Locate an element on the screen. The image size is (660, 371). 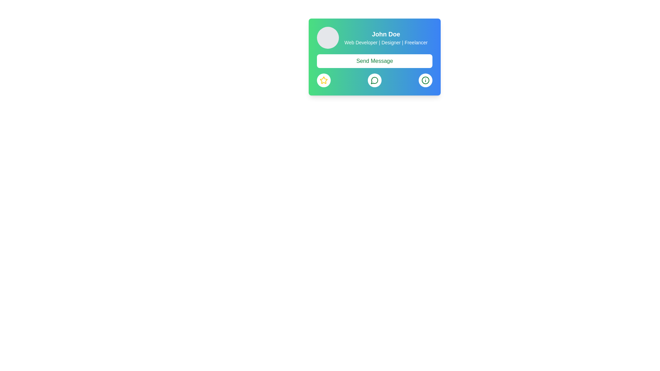
the middle icon of three circular buttons aligned in a row, located directly beneath the 'Send Message' button to initiate messaging is located at coordinates (374, 80).